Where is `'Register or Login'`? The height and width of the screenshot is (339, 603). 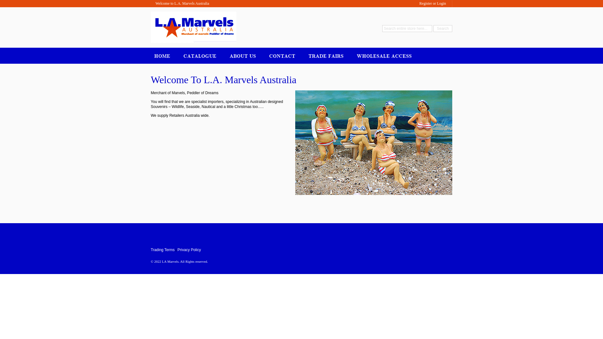
'Register or Login' is located at coordinates (432, 3).